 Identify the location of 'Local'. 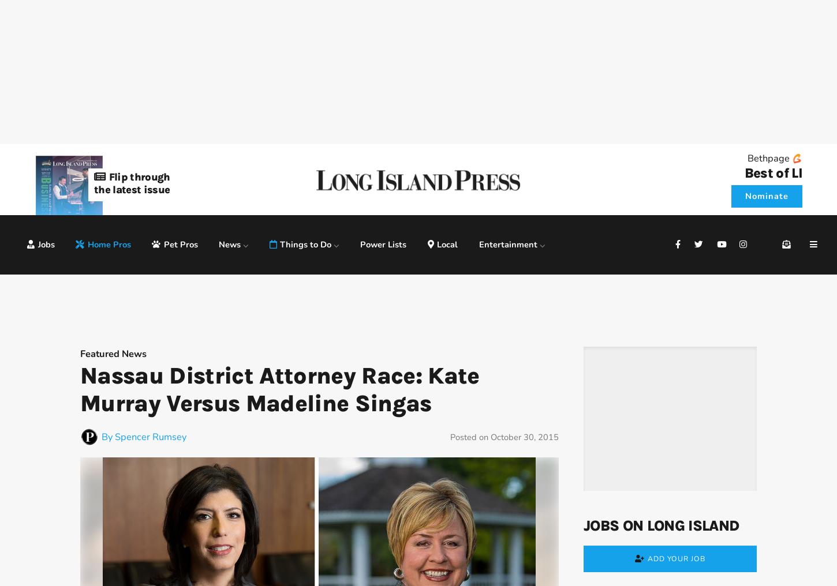
(447, 243).